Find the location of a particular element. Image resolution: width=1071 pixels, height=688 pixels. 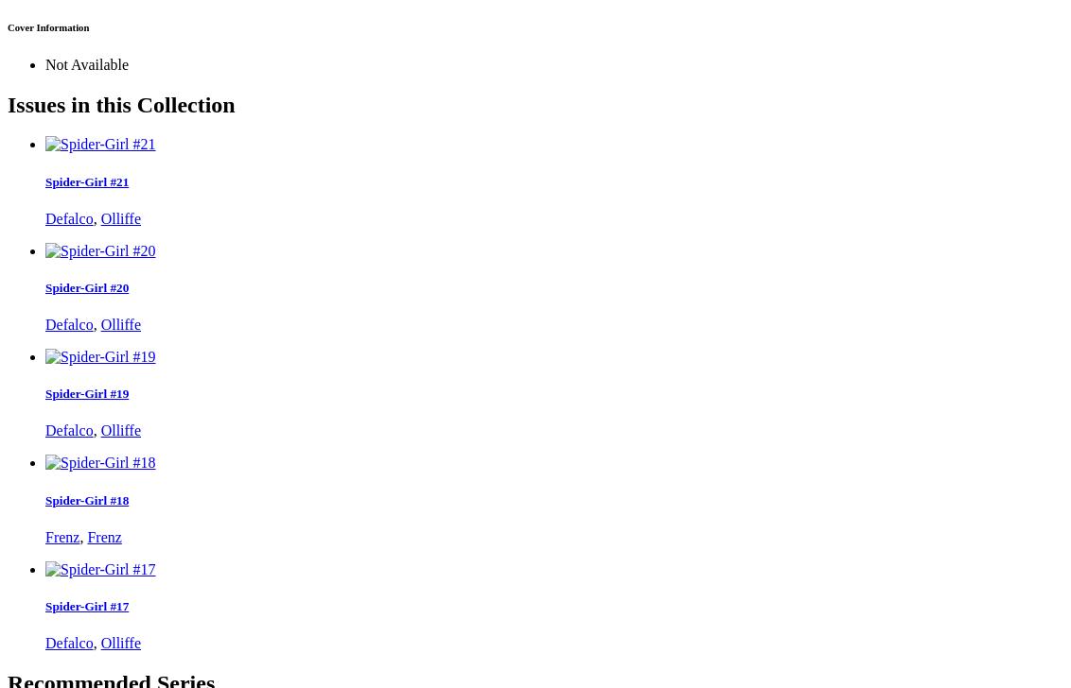

'Spider-Girl #18' is located at coordinates (87, 499).